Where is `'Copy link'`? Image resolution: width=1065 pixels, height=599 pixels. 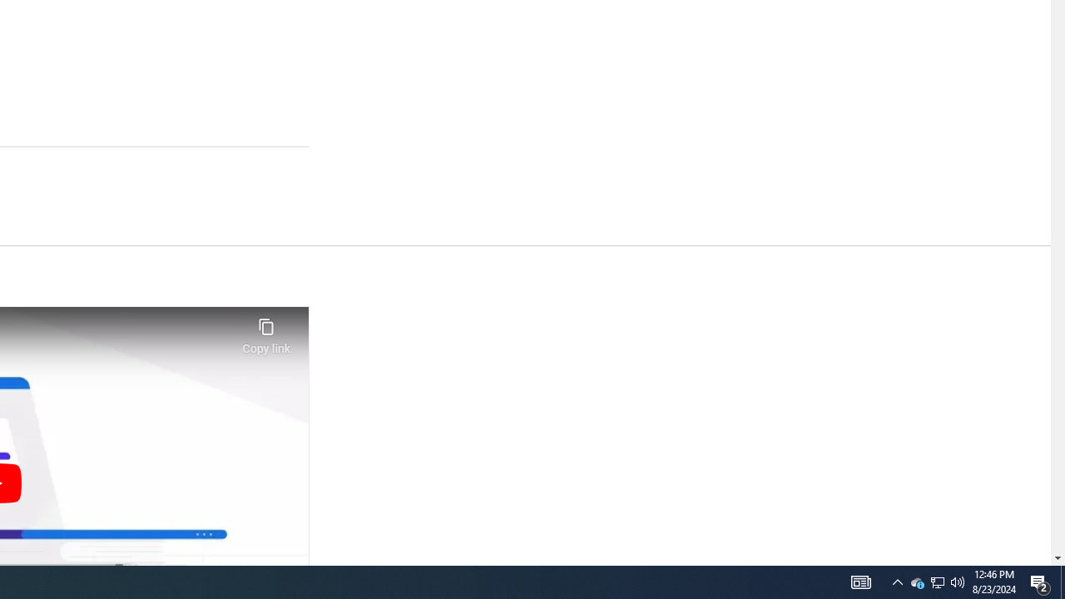 'Copy link' is located at coordinates (266, 331).